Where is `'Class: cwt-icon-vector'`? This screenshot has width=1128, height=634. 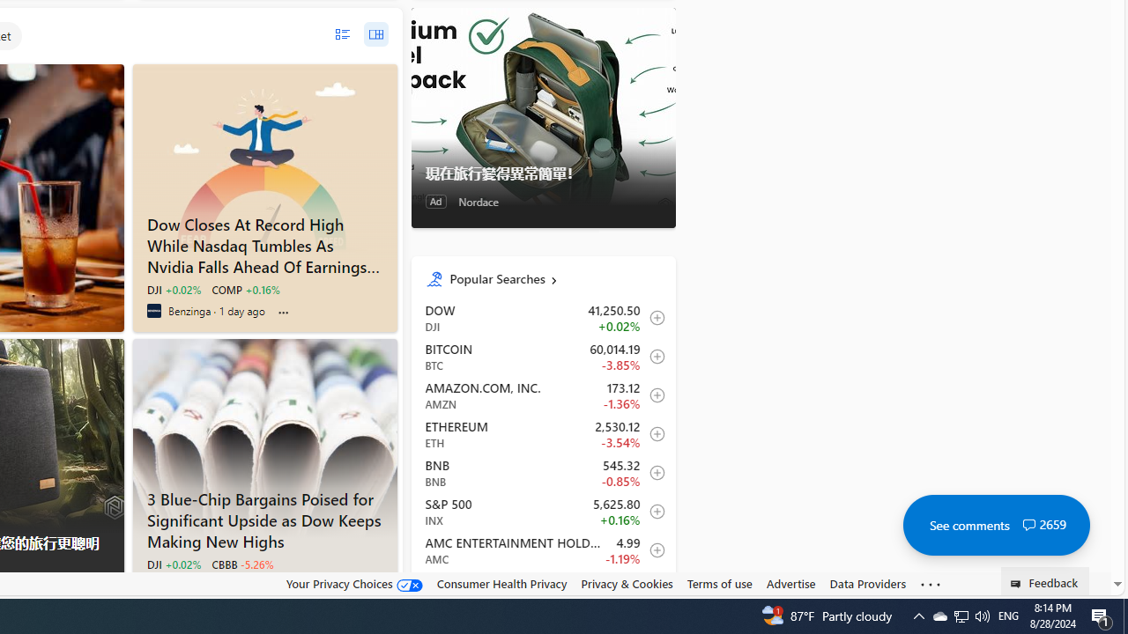 'Class: cwt-icon-vector' is located at coordinates (1028, 524).